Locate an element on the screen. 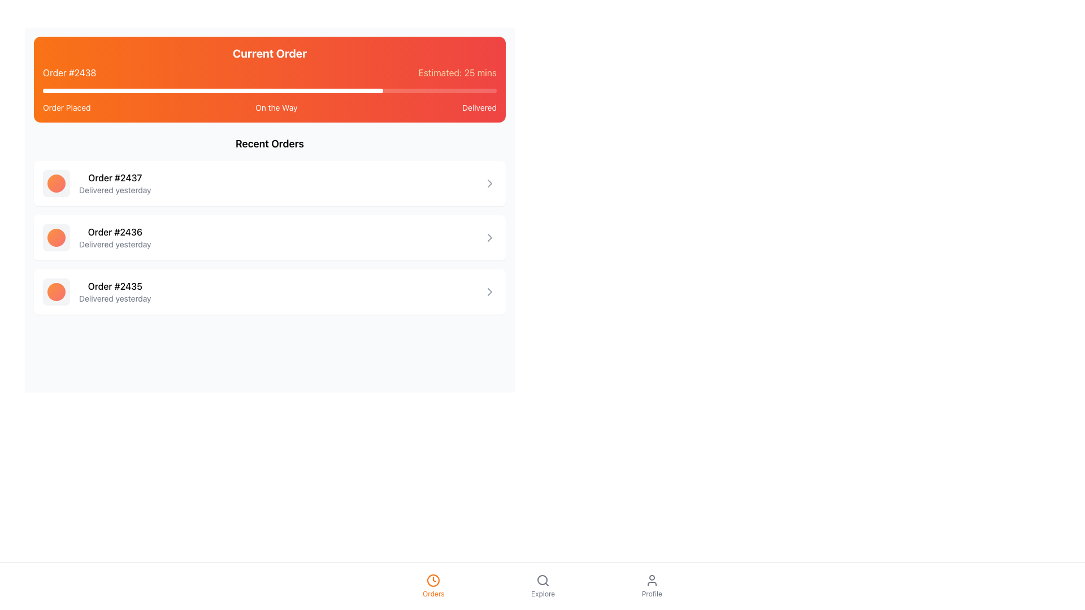  the Text Label displaying 'Estimated: 25 mins' in an orange font on a red gradient background, located in the header section aligned to the top-right corner is located at coordinates (457, 72).